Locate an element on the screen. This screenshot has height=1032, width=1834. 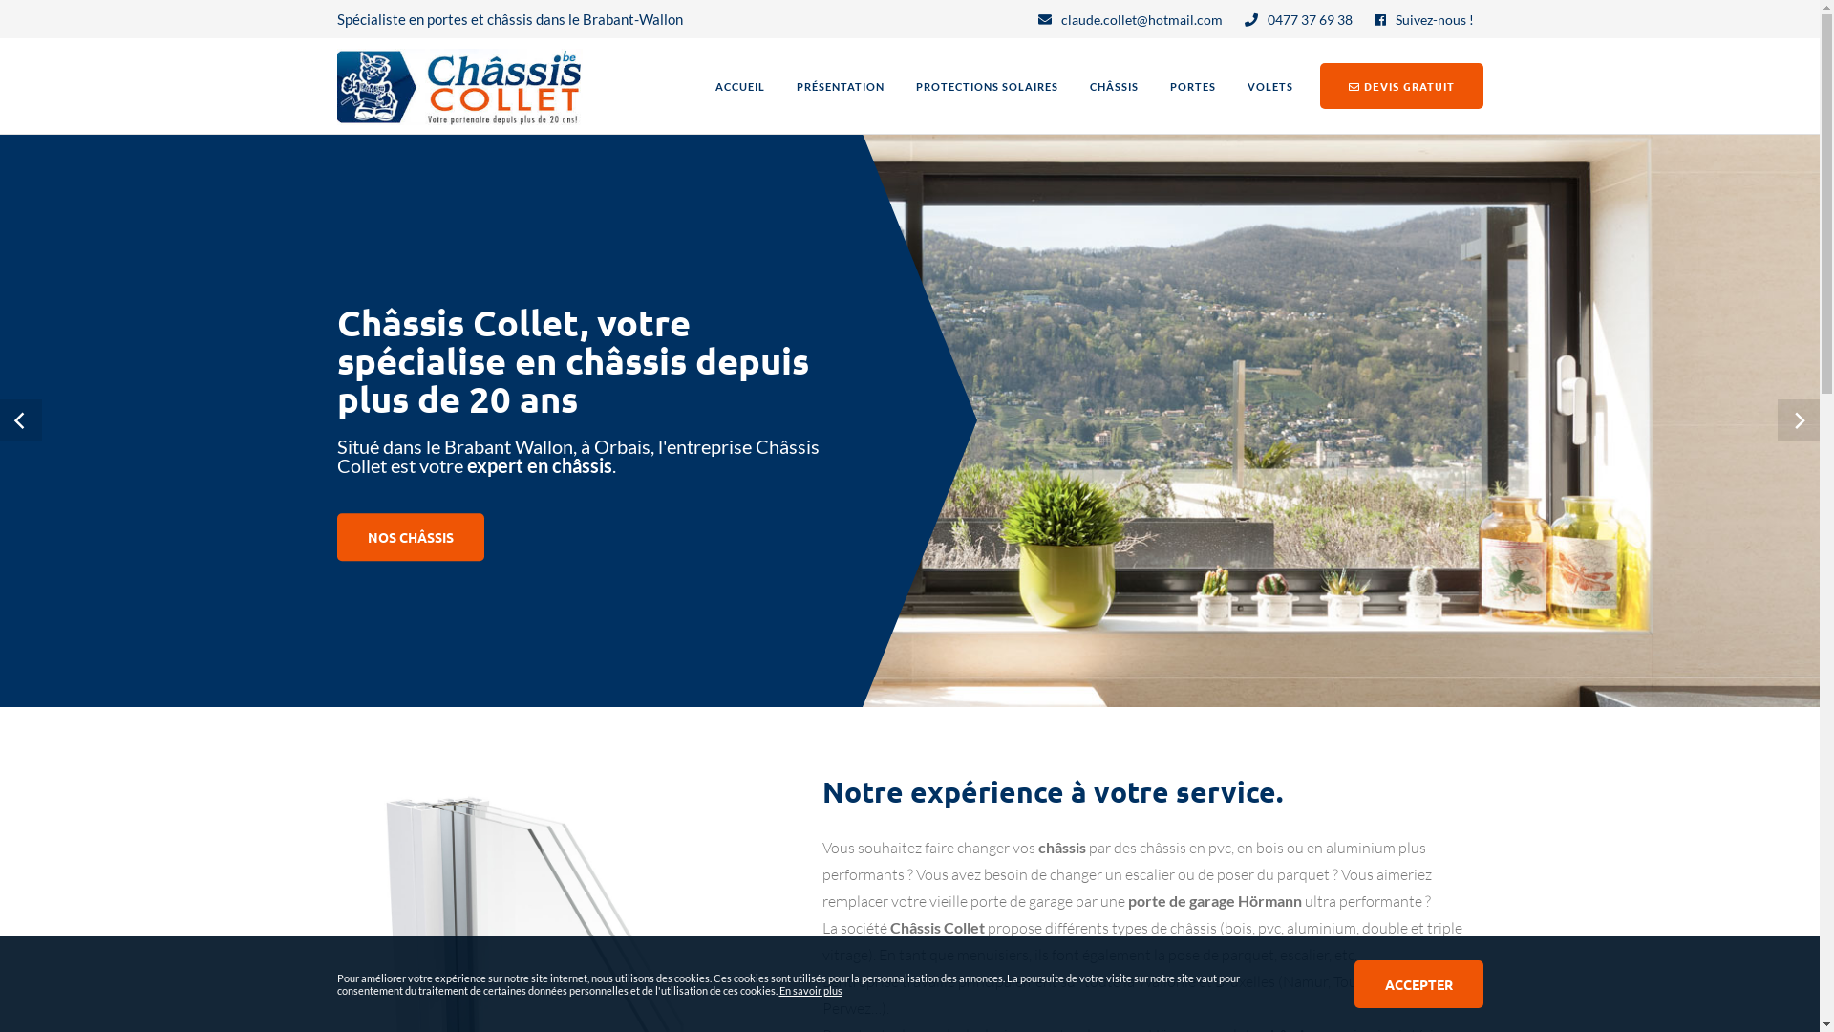
'VOLETS' is located at coordinates (1232, 87).